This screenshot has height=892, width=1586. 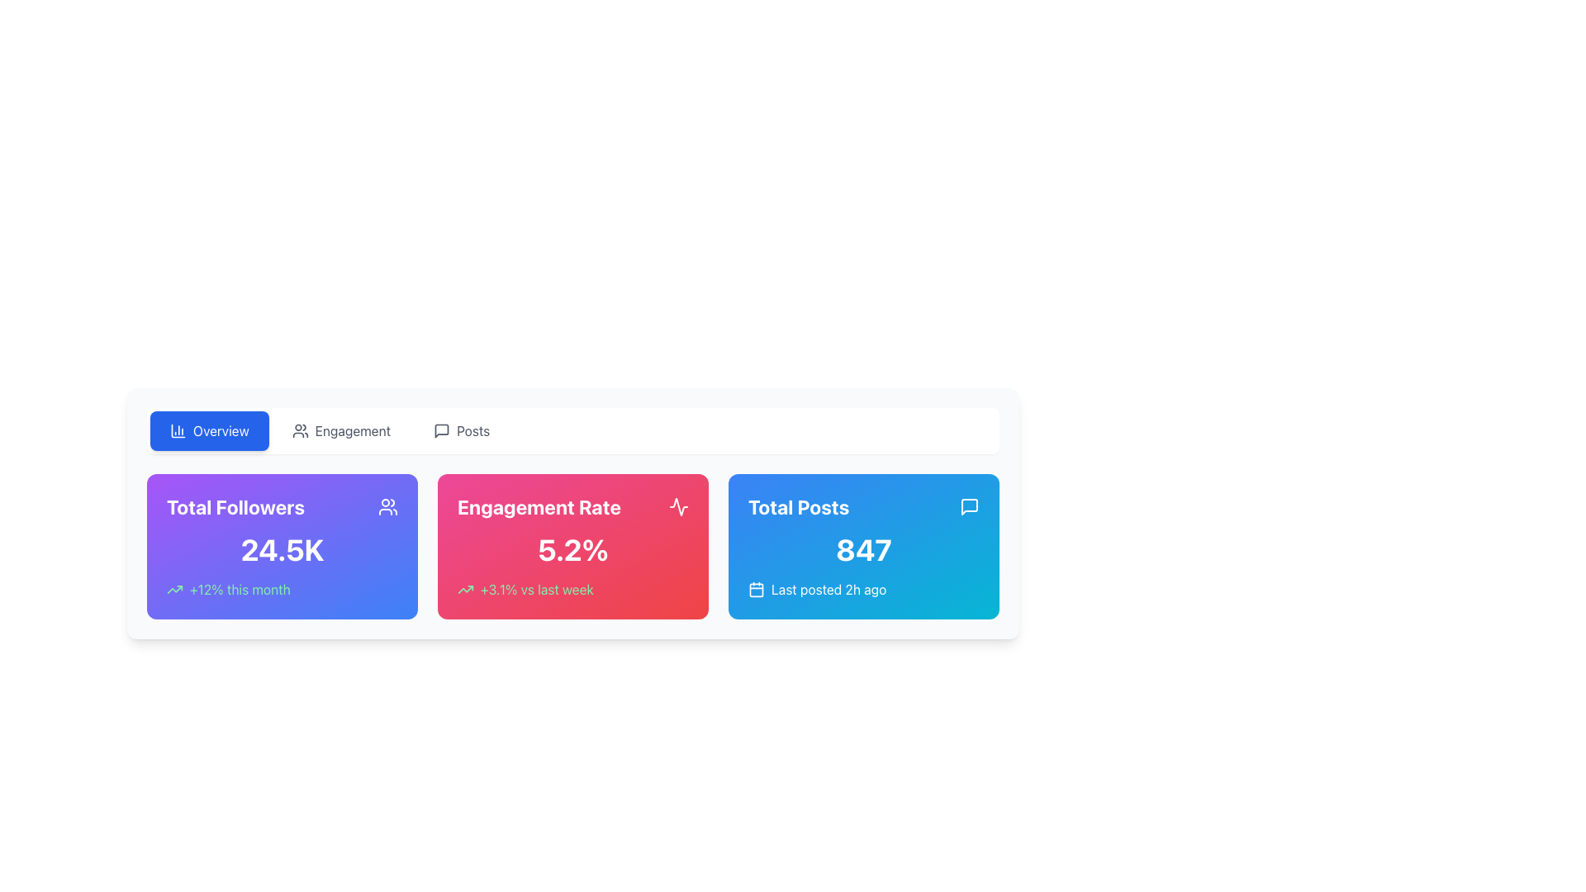 I want to click on the decorative icon that symbolizes collaboration, located to the left of the 'Engagement' button near the top-center of the layout, so click(x=300, y=429).